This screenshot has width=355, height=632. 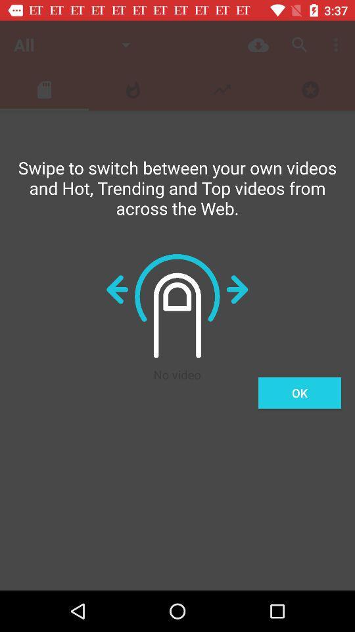 What do you see at coordinates (299, 393) in the screenshot?
I see `ok` at bounding box center [299, 393].